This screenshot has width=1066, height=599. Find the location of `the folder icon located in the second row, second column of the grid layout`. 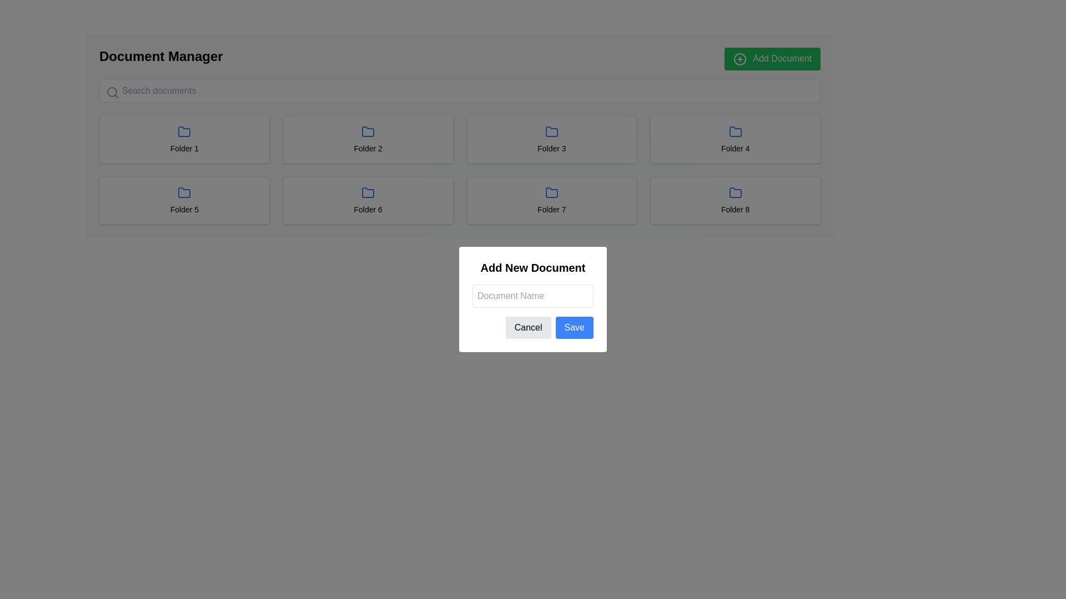

the folder icon located in the second row, second column of the grid layout is located at coordinates (368, 192).